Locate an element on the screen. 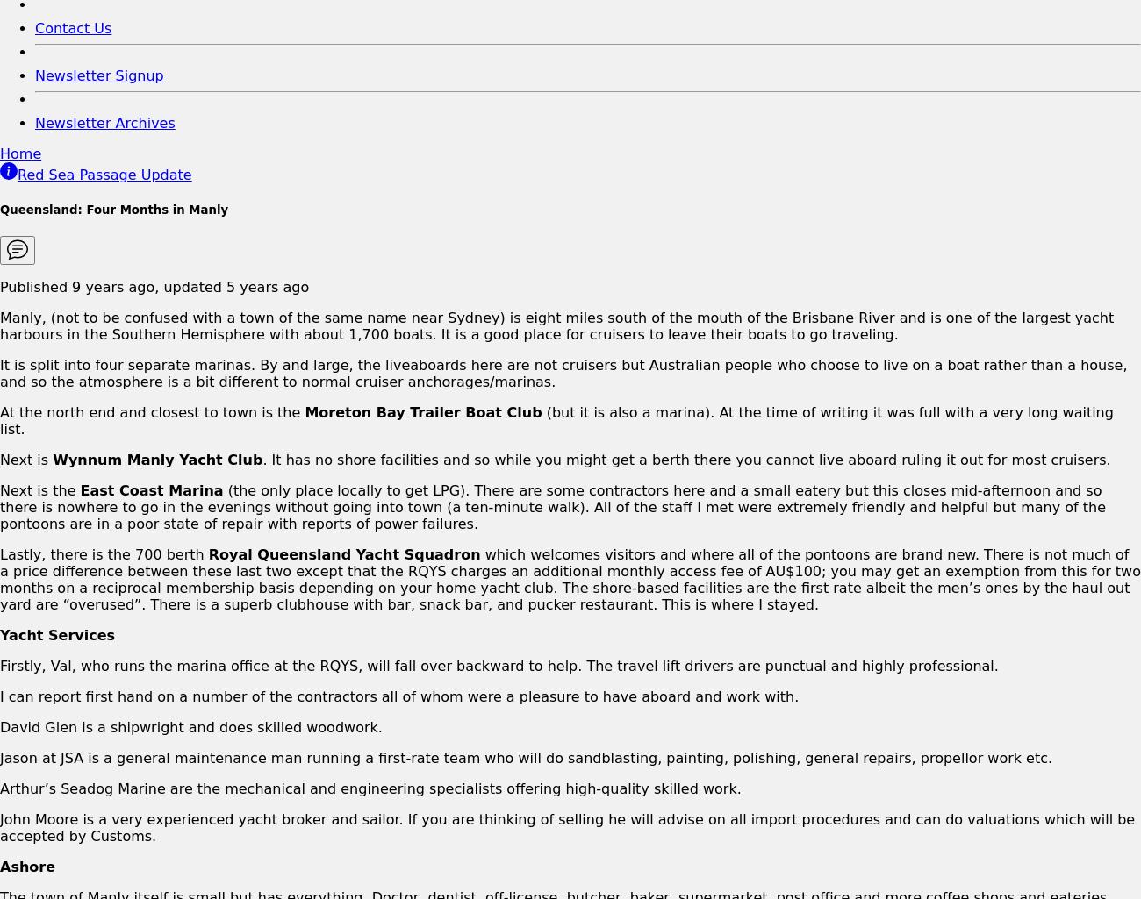 Image resolution: width=1141 pixels, height=899 pixels. 'Firstly, Val, who runs the marina office at the RQYS, will fall over backward to help. The travel lift drivers are punctual and highly professional.' is located at coordinates (498, 665).